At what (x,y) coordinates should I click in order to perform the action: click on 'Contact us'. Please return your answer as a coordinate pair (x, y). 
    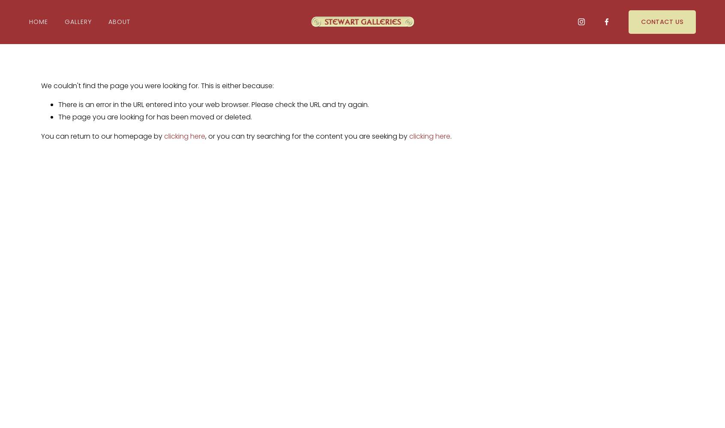
    Looking at the image, I should click on (662, 21).